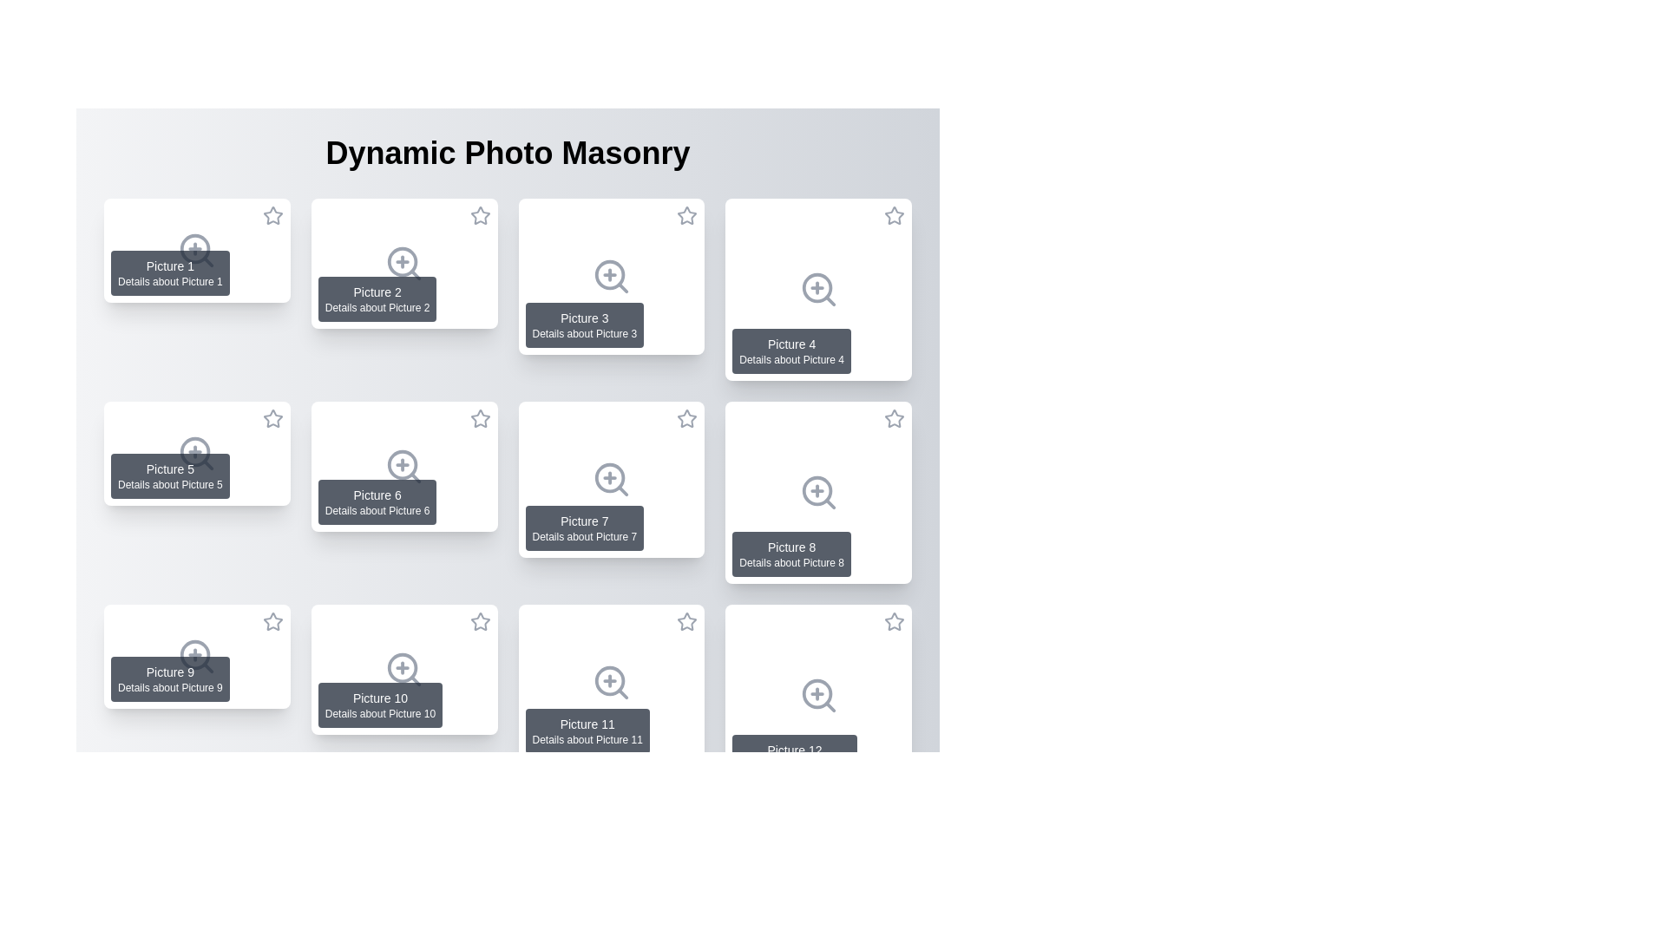 Image resolution: width=1666 pixels, height=937 pixels. Describe the element at coordinates (170, 273) in the screenshot. I see `the Text information label displaying 'Picture 1' with details about it, located at the bottom-left corner of the first item in the grid layout` at that location.